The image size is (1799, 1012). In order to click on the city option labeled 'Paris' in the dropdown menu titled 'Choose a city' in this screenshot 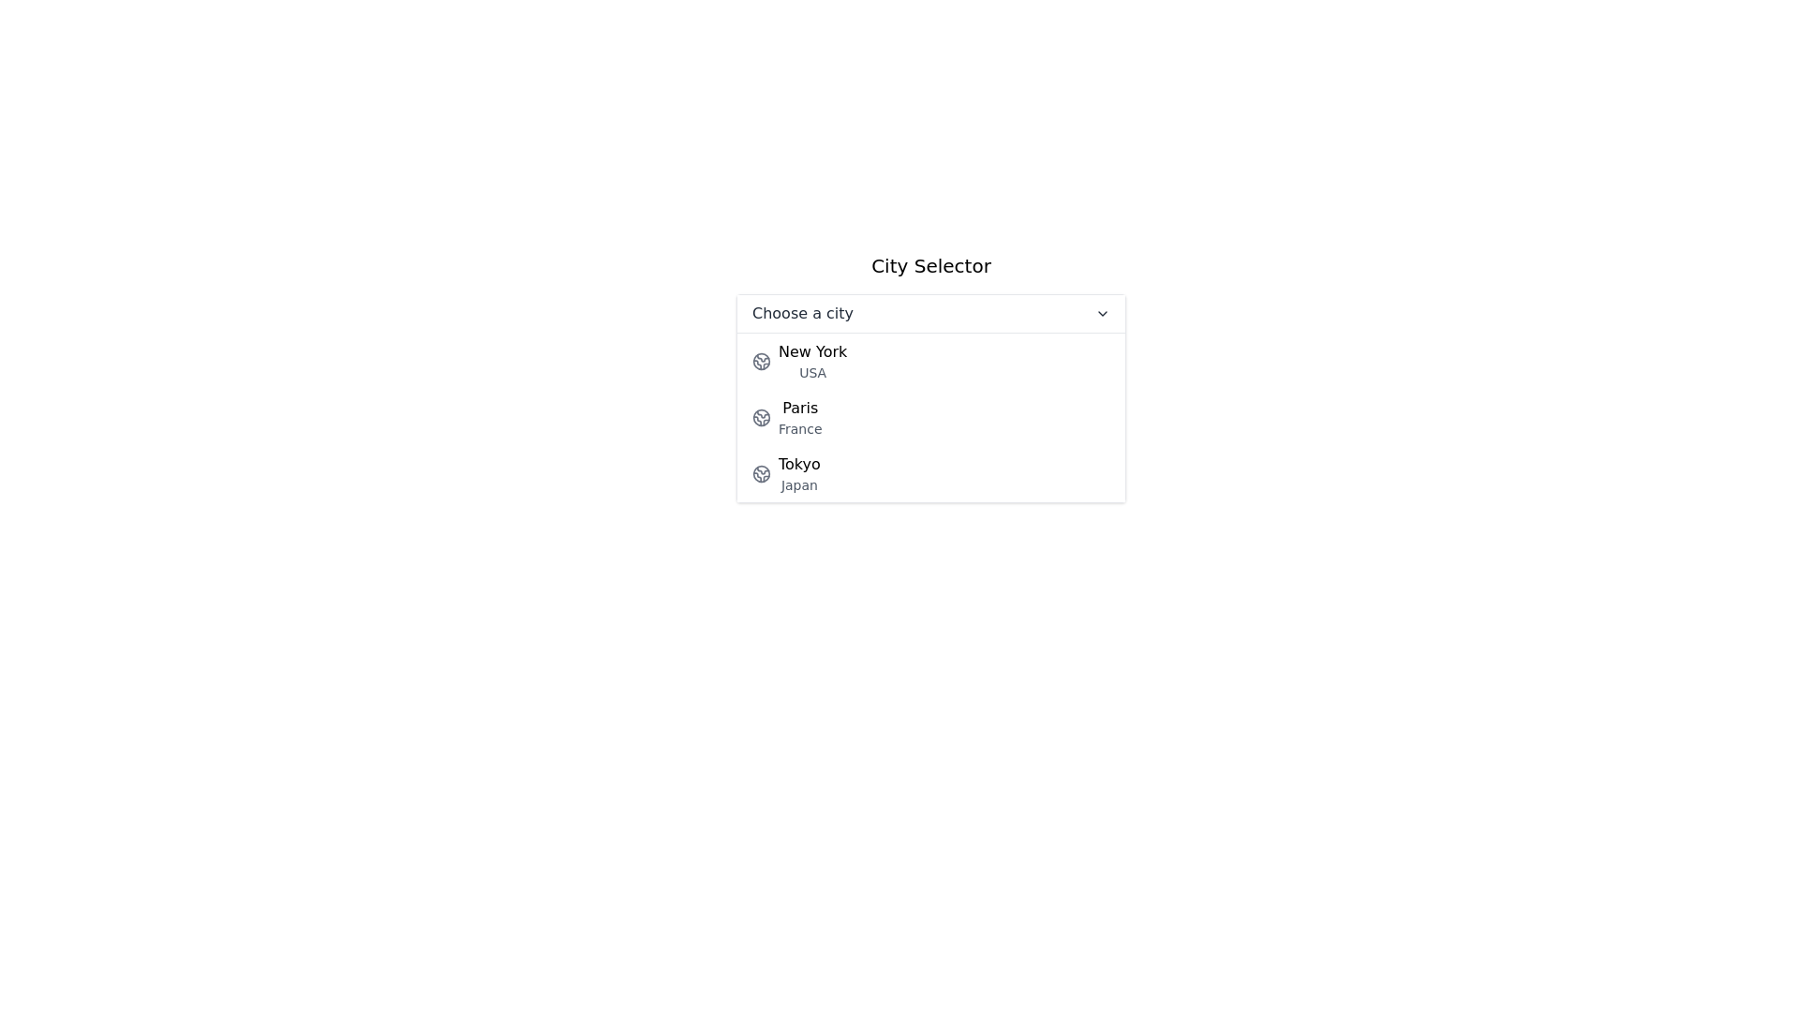, I will do `click(930, 417)`.